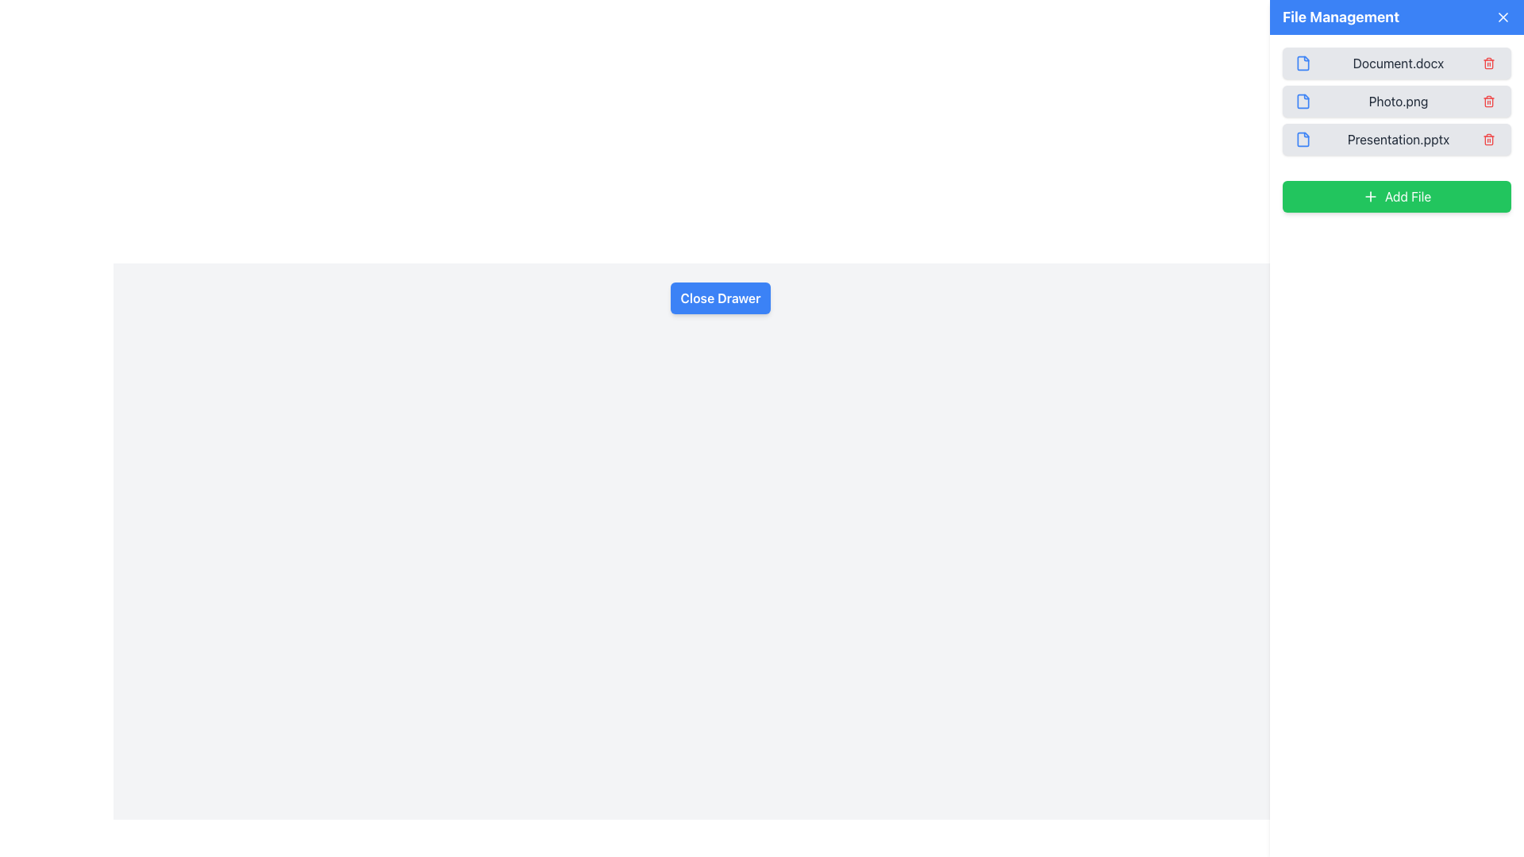  Describe the element at coordinates (1488, 101) in the screenshot. I see `the red trash can icon button located to the right of the file name 'Photo.png'` at that location.